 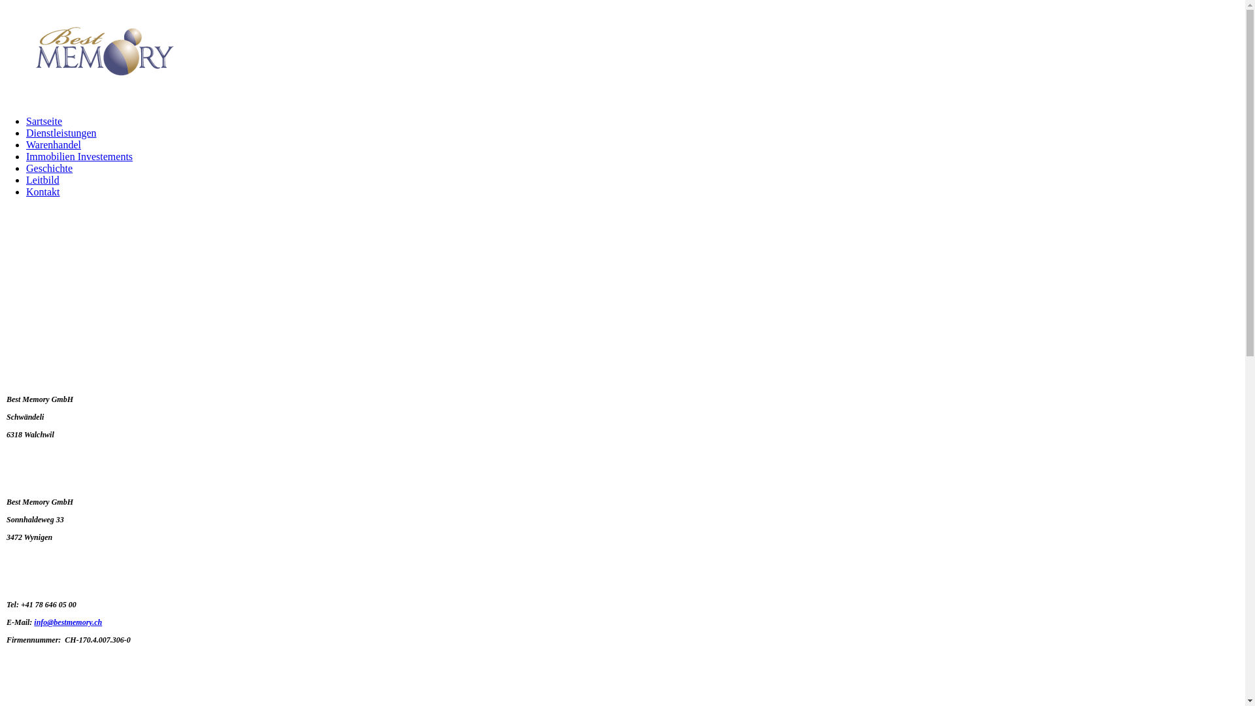 What do you see at coordinates (25, 144) in the screenshot?
I see `'Warenhandel'` at bounding box center [25, 144].